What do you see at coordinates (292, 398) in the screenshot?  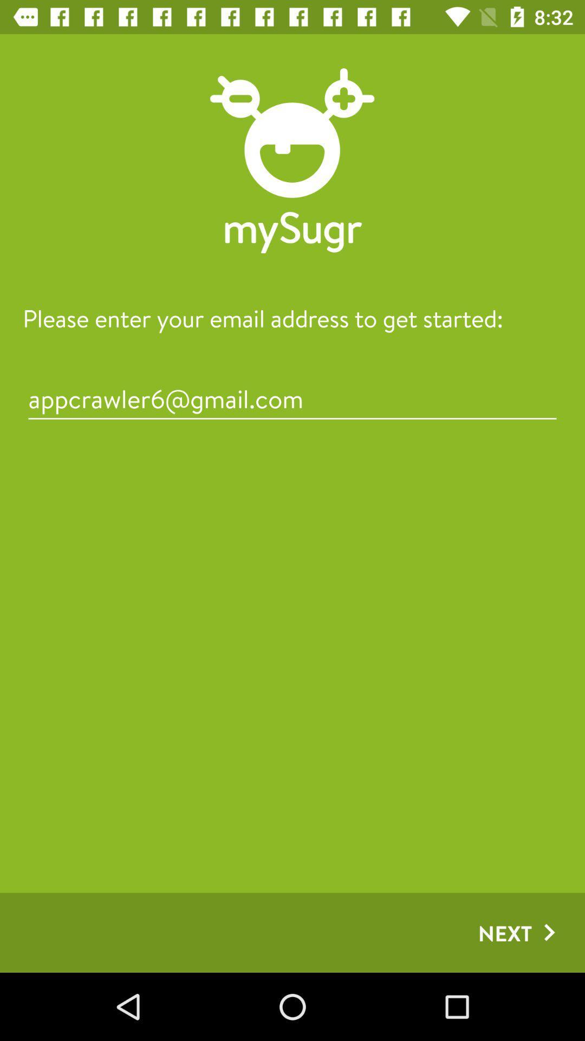 I see `item below the please enter your` at bounding box center [292, 398].